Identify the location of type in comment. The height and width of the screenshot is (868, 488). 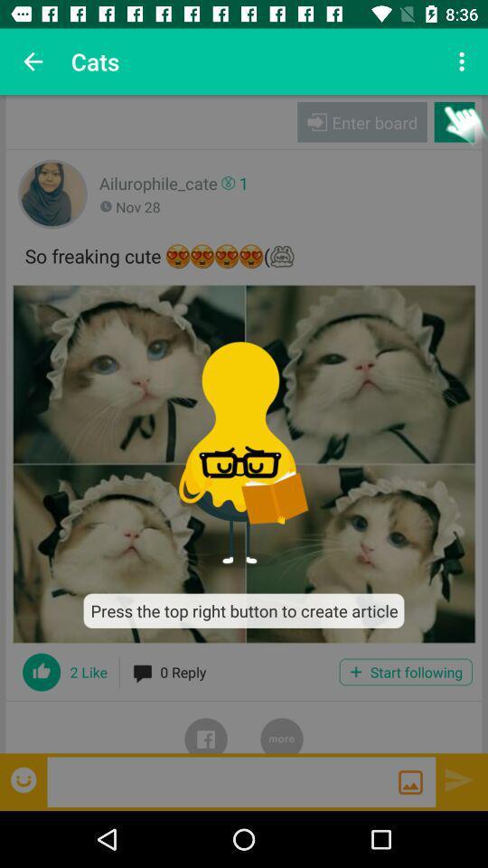
(222, 780).